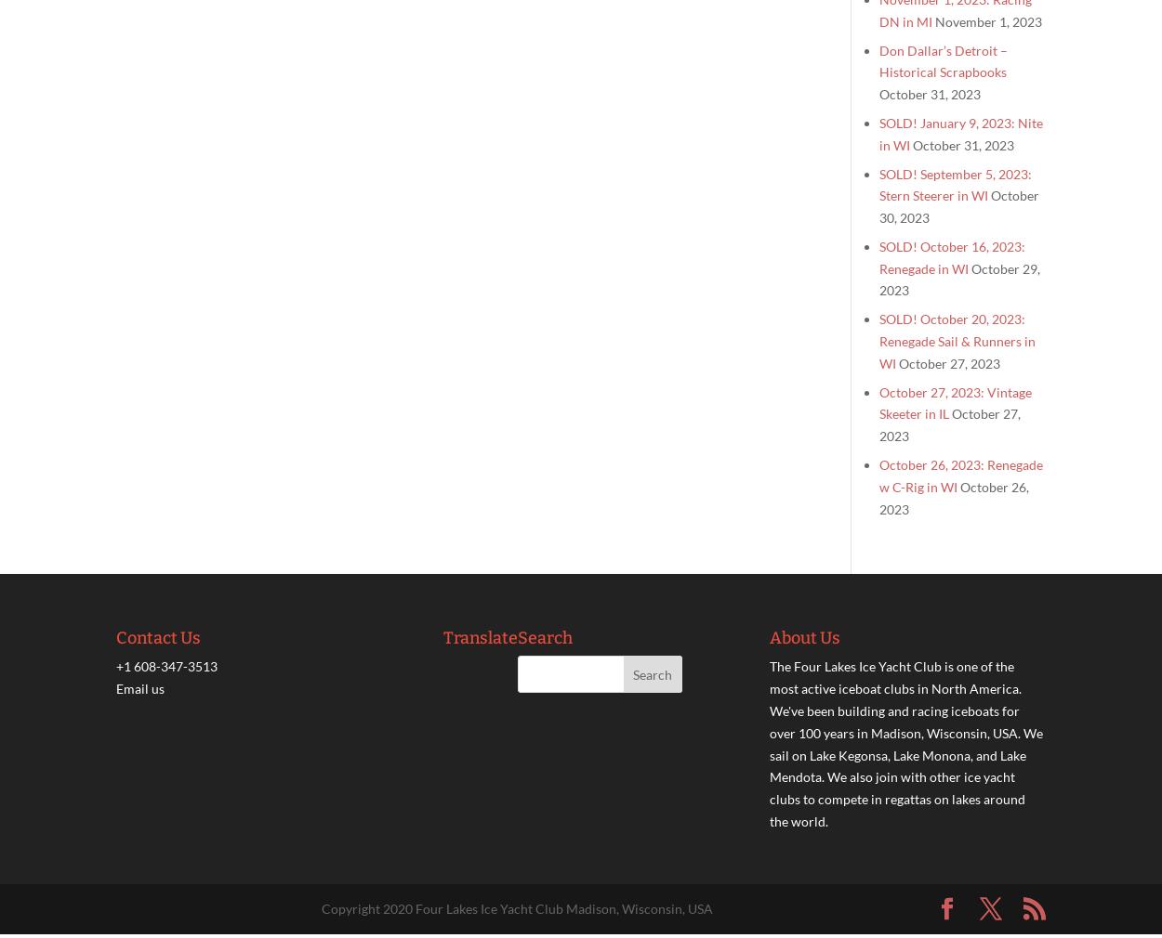 The width and height of the screenshot is (1162, 938). What do you see at coordinates (959, 279) in the screenshot?
I see `'October 29, 2023'` at bounding box center [959, 279].